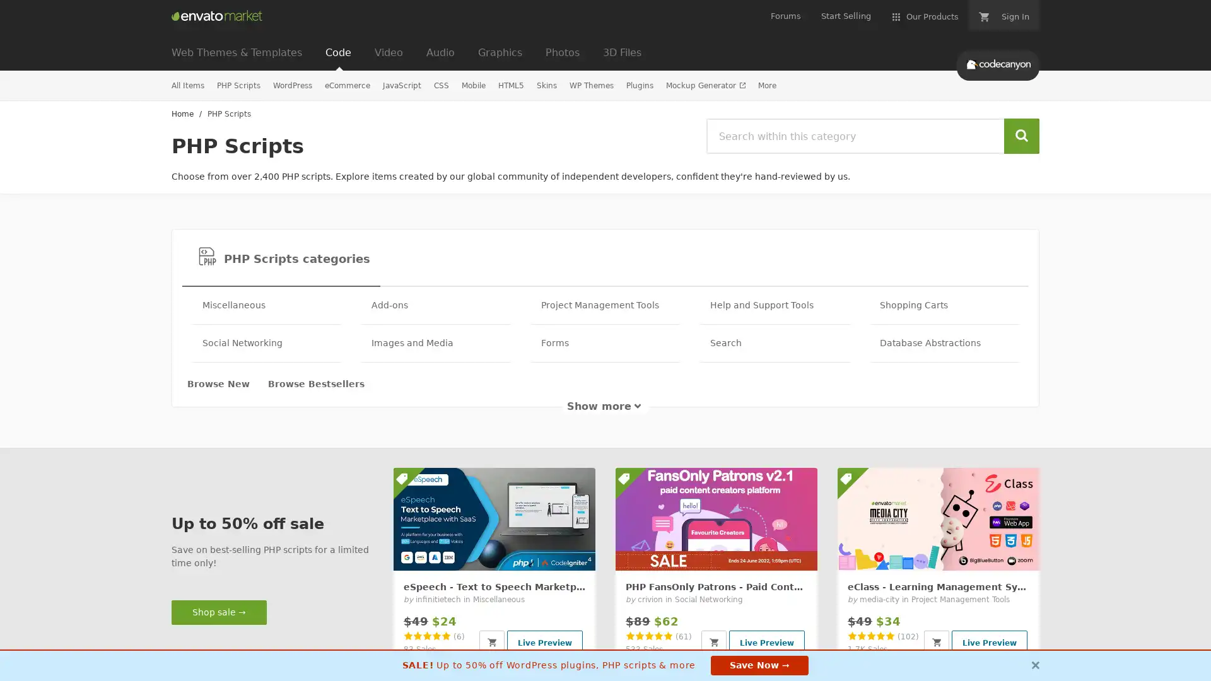 This screenshot has height=681, width=1211. Describe the element at coordinates (1022, 136) in the screenshot. I see `Search` at that location.